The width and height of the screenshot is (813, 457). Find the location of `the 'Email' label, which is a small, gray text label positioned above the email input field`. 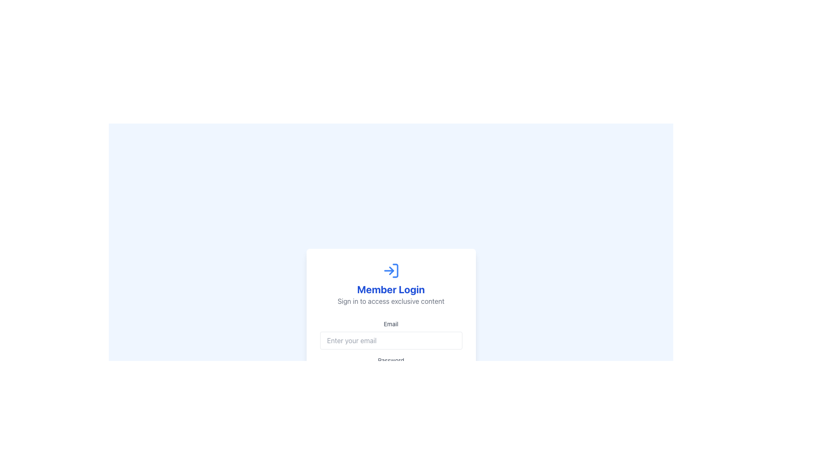

the 'Email' label, which is a small, gray text label positioned above the email input field is located at coordinates (390, 324).